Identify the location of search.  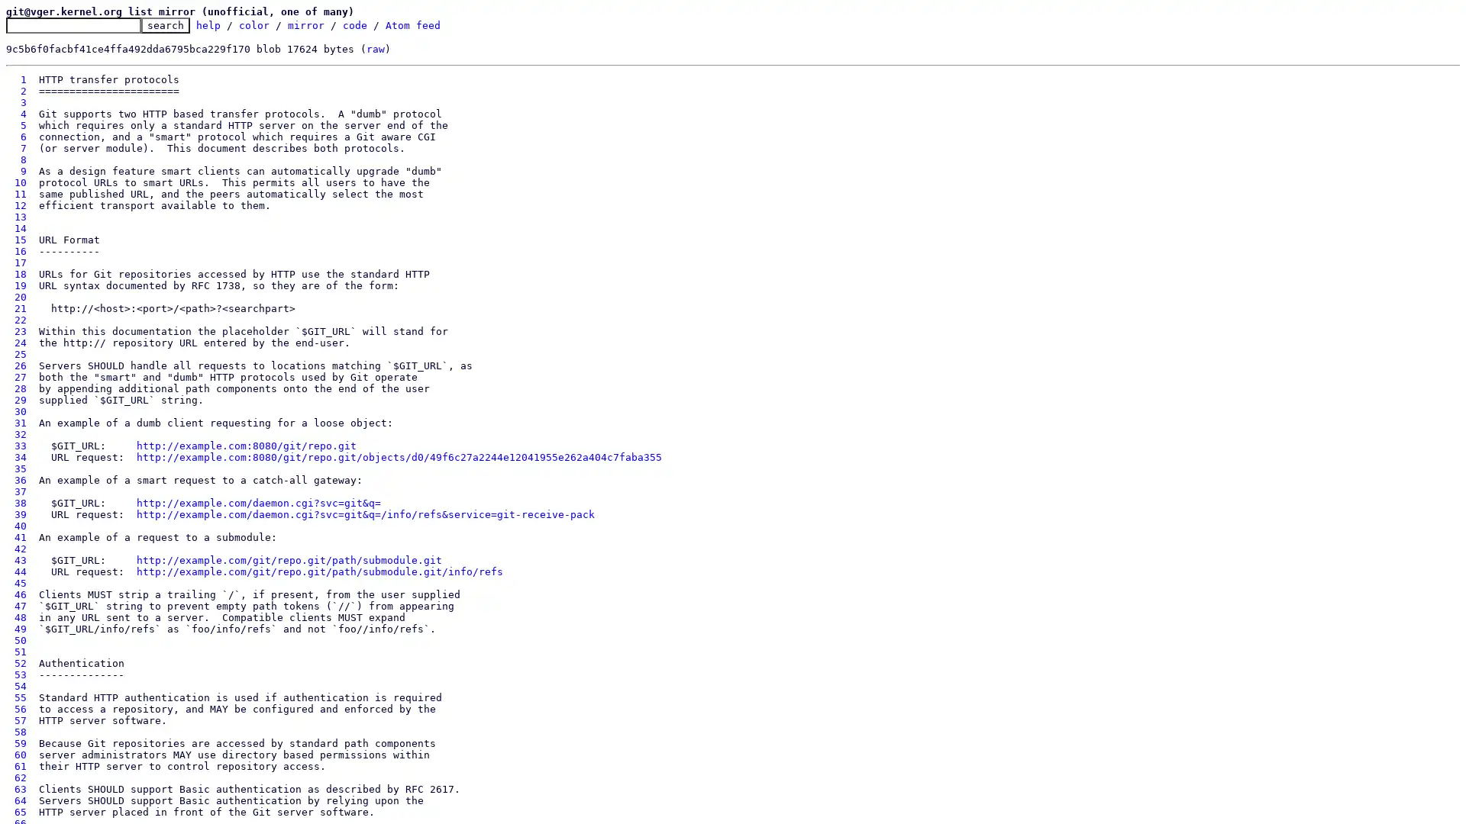
(165, 25).